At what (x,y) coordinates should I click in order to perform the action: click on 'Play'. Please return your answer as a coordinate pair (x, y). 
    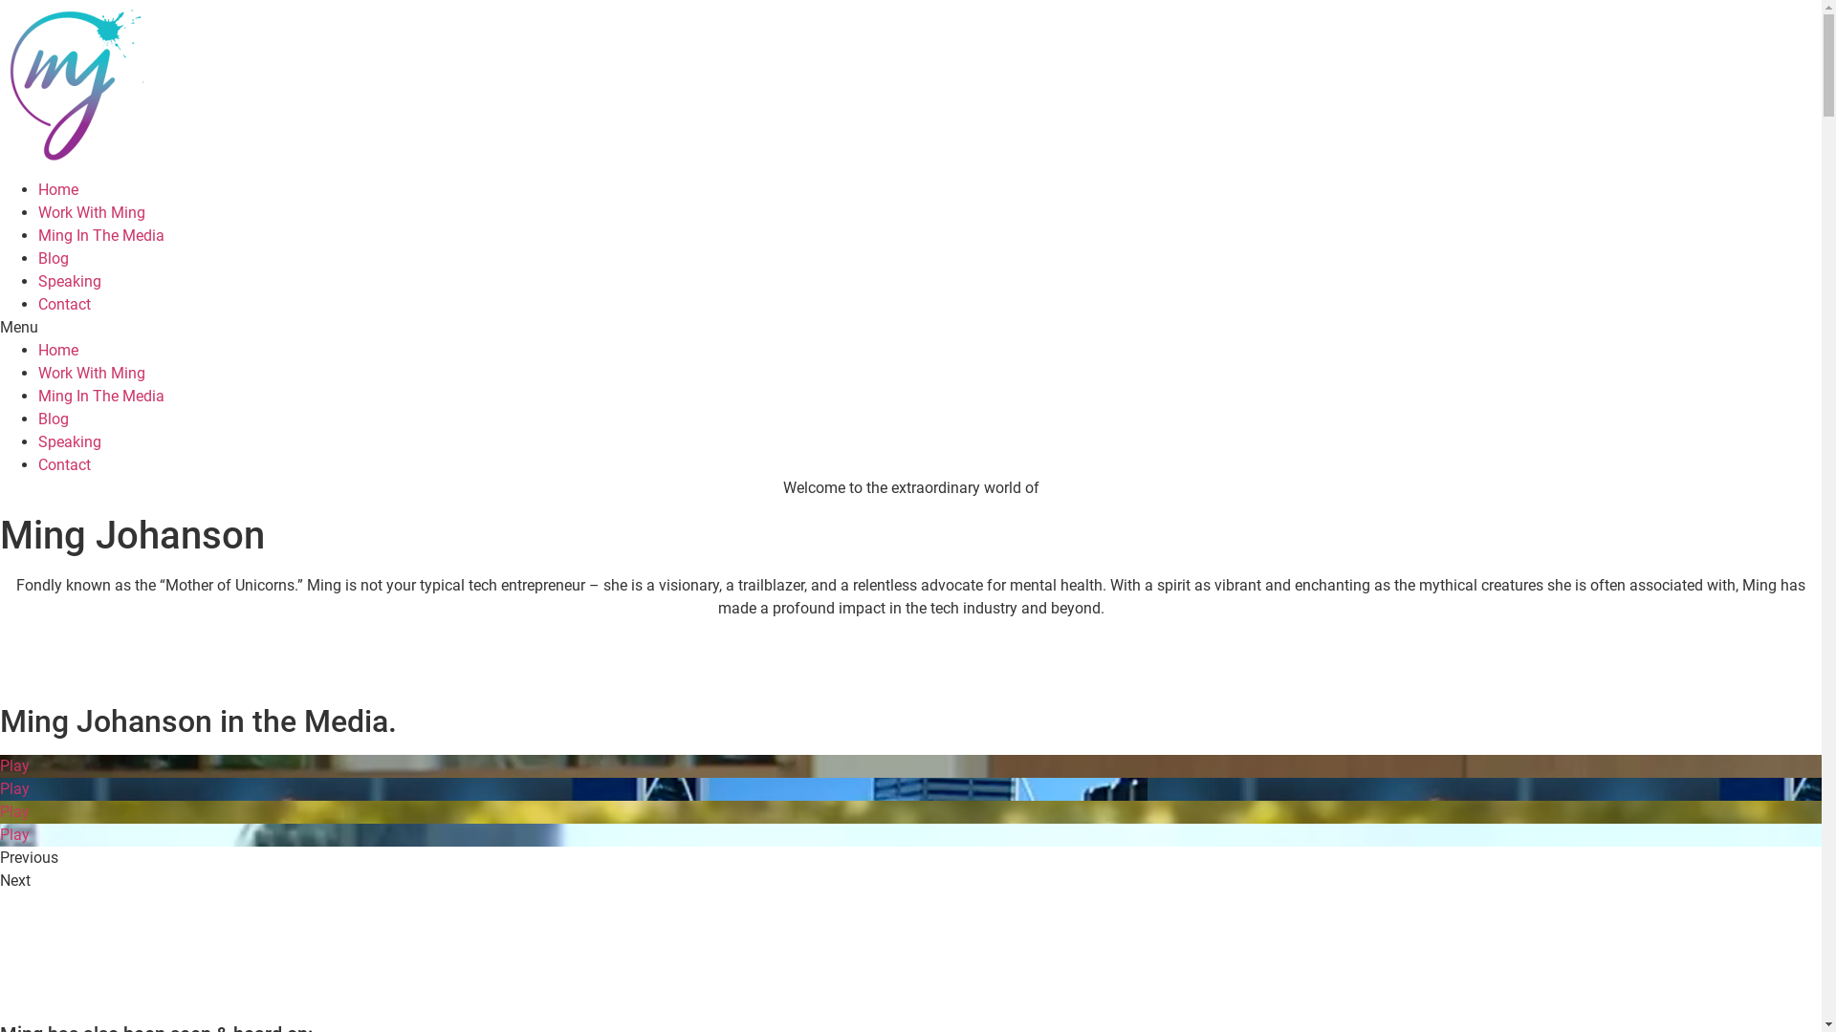
    Looking at the image, I should click on (909, 811).